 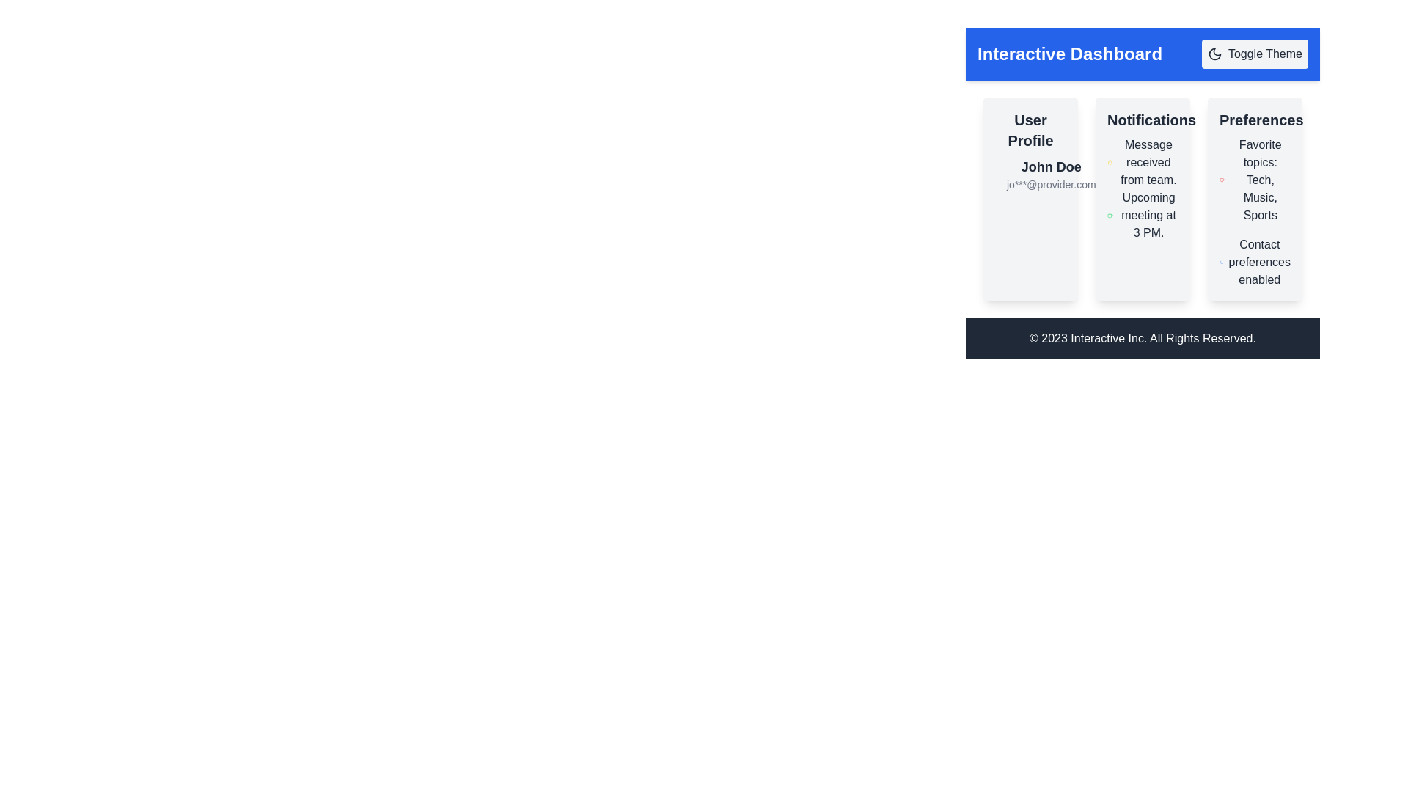 I want to click on the Informational card displaying the user's favorite topics and contact preferences, located in the third column of the grid layout, so click(x=1254, y=199).